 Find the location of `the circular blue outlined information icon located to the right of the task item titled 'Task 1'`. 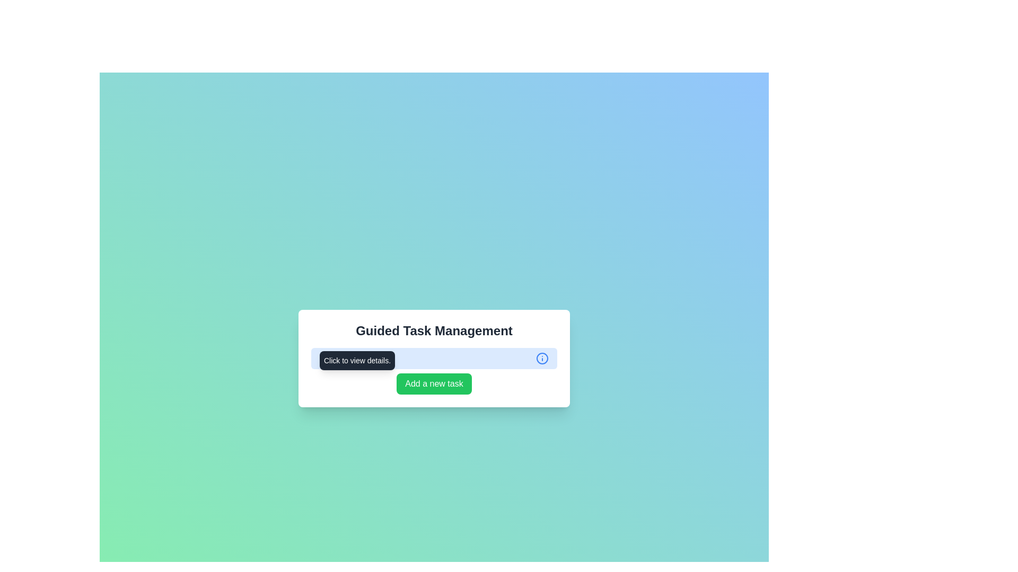

the circular blue outlined information icon located to the right of the task item titled 'Task 1' is located at coordinates (542, 358).